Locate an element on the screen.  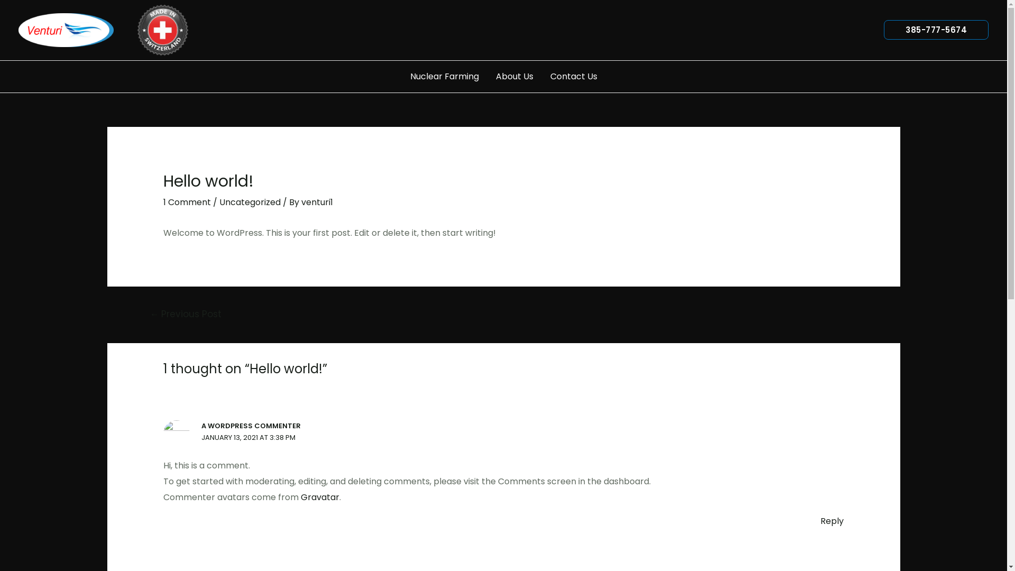
'Uncategorized' is located at coordinates (218, 202).